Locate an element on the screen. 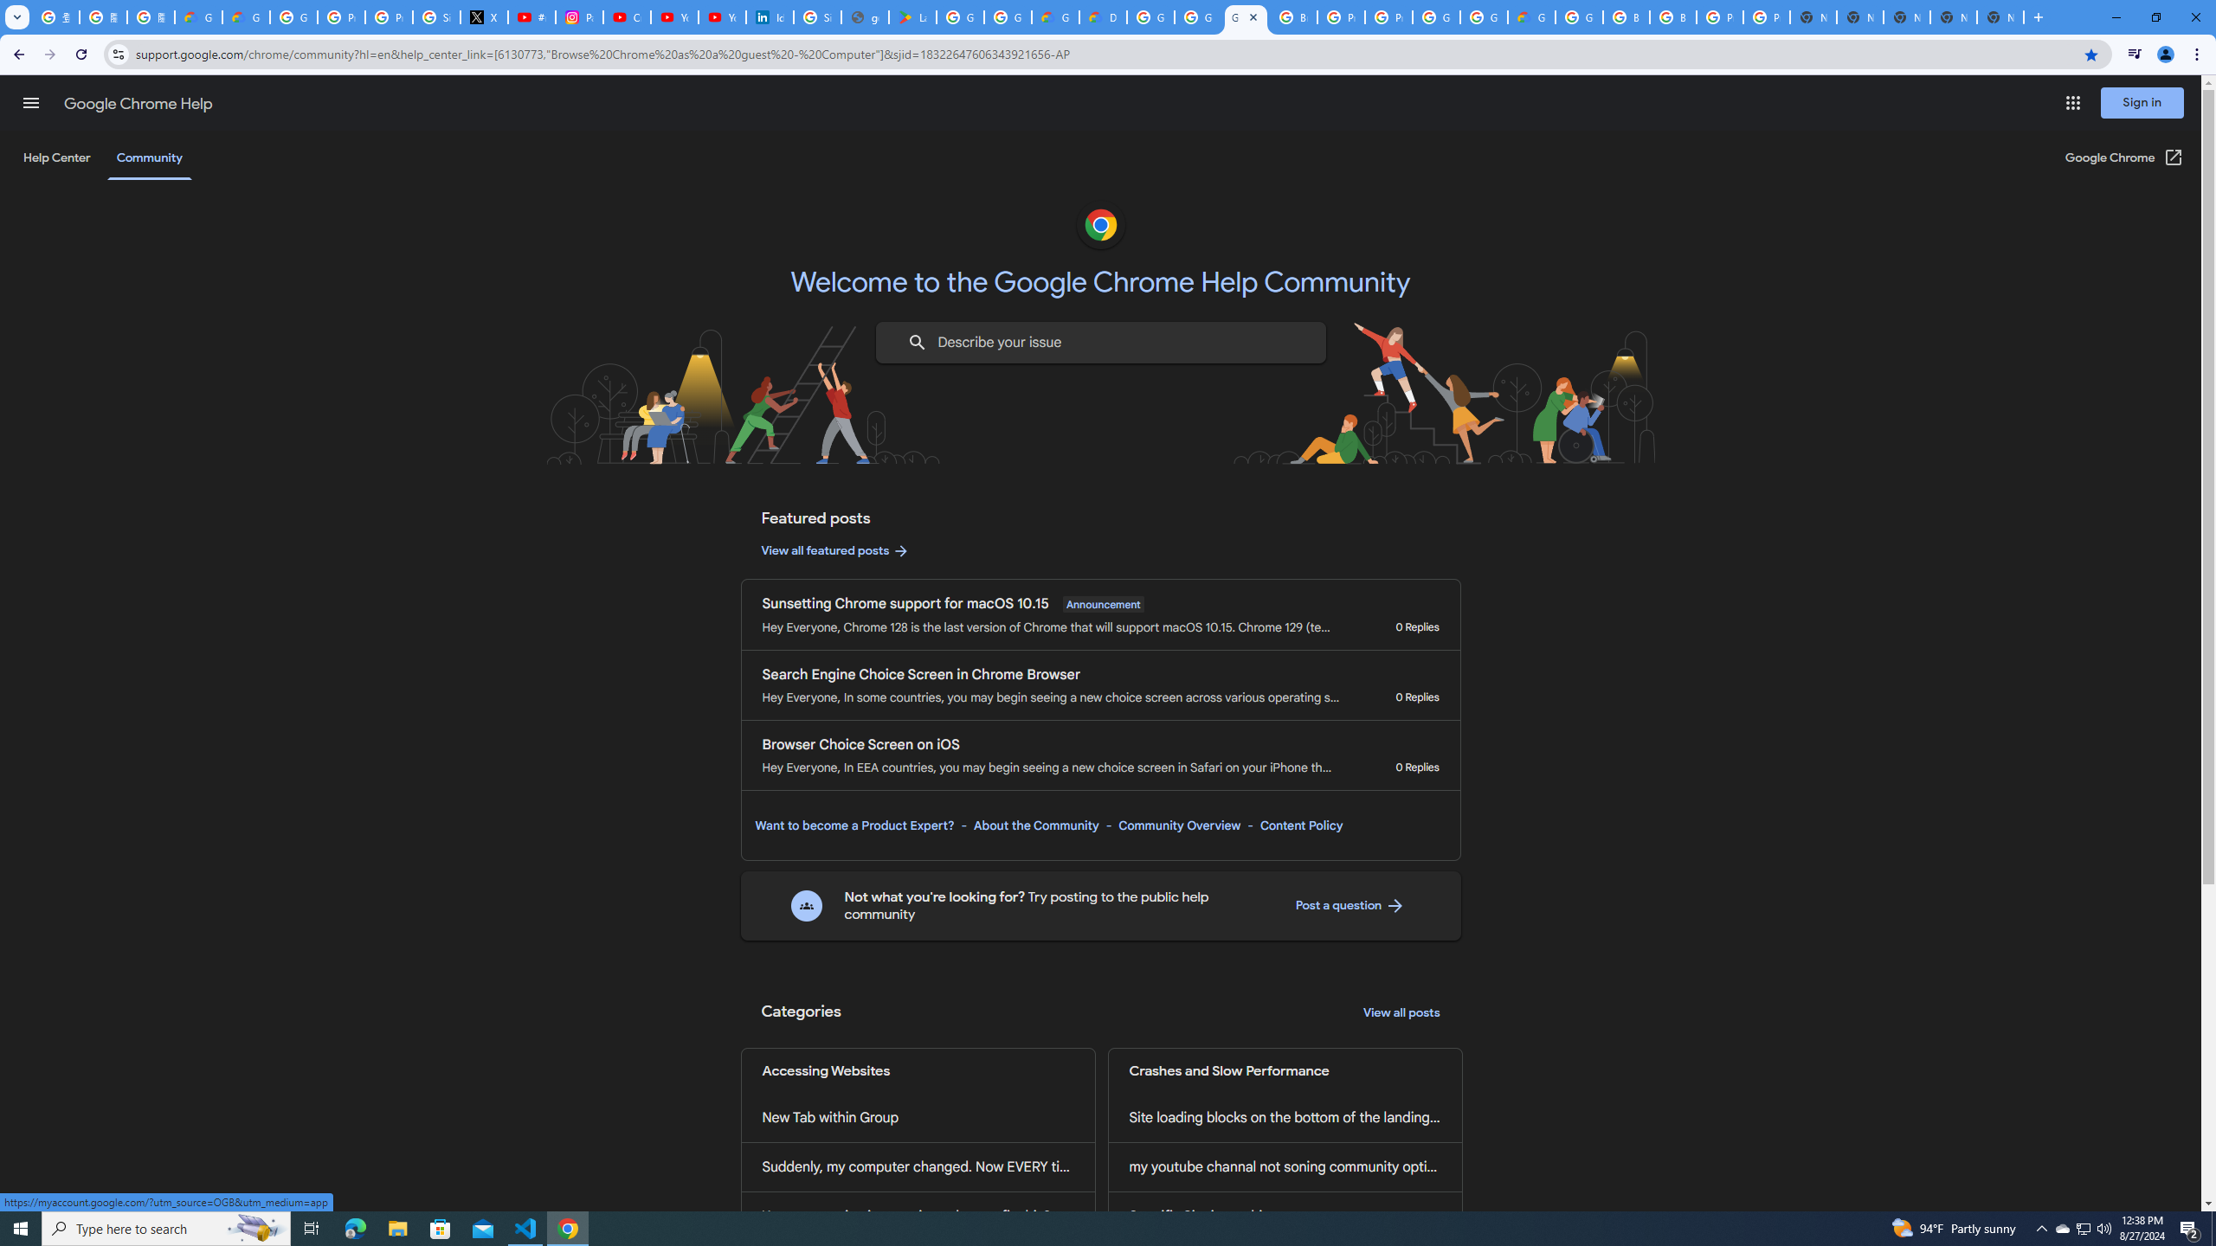  'Google Chrome (Open in a new window)' is located at coordinates (2124, 157).